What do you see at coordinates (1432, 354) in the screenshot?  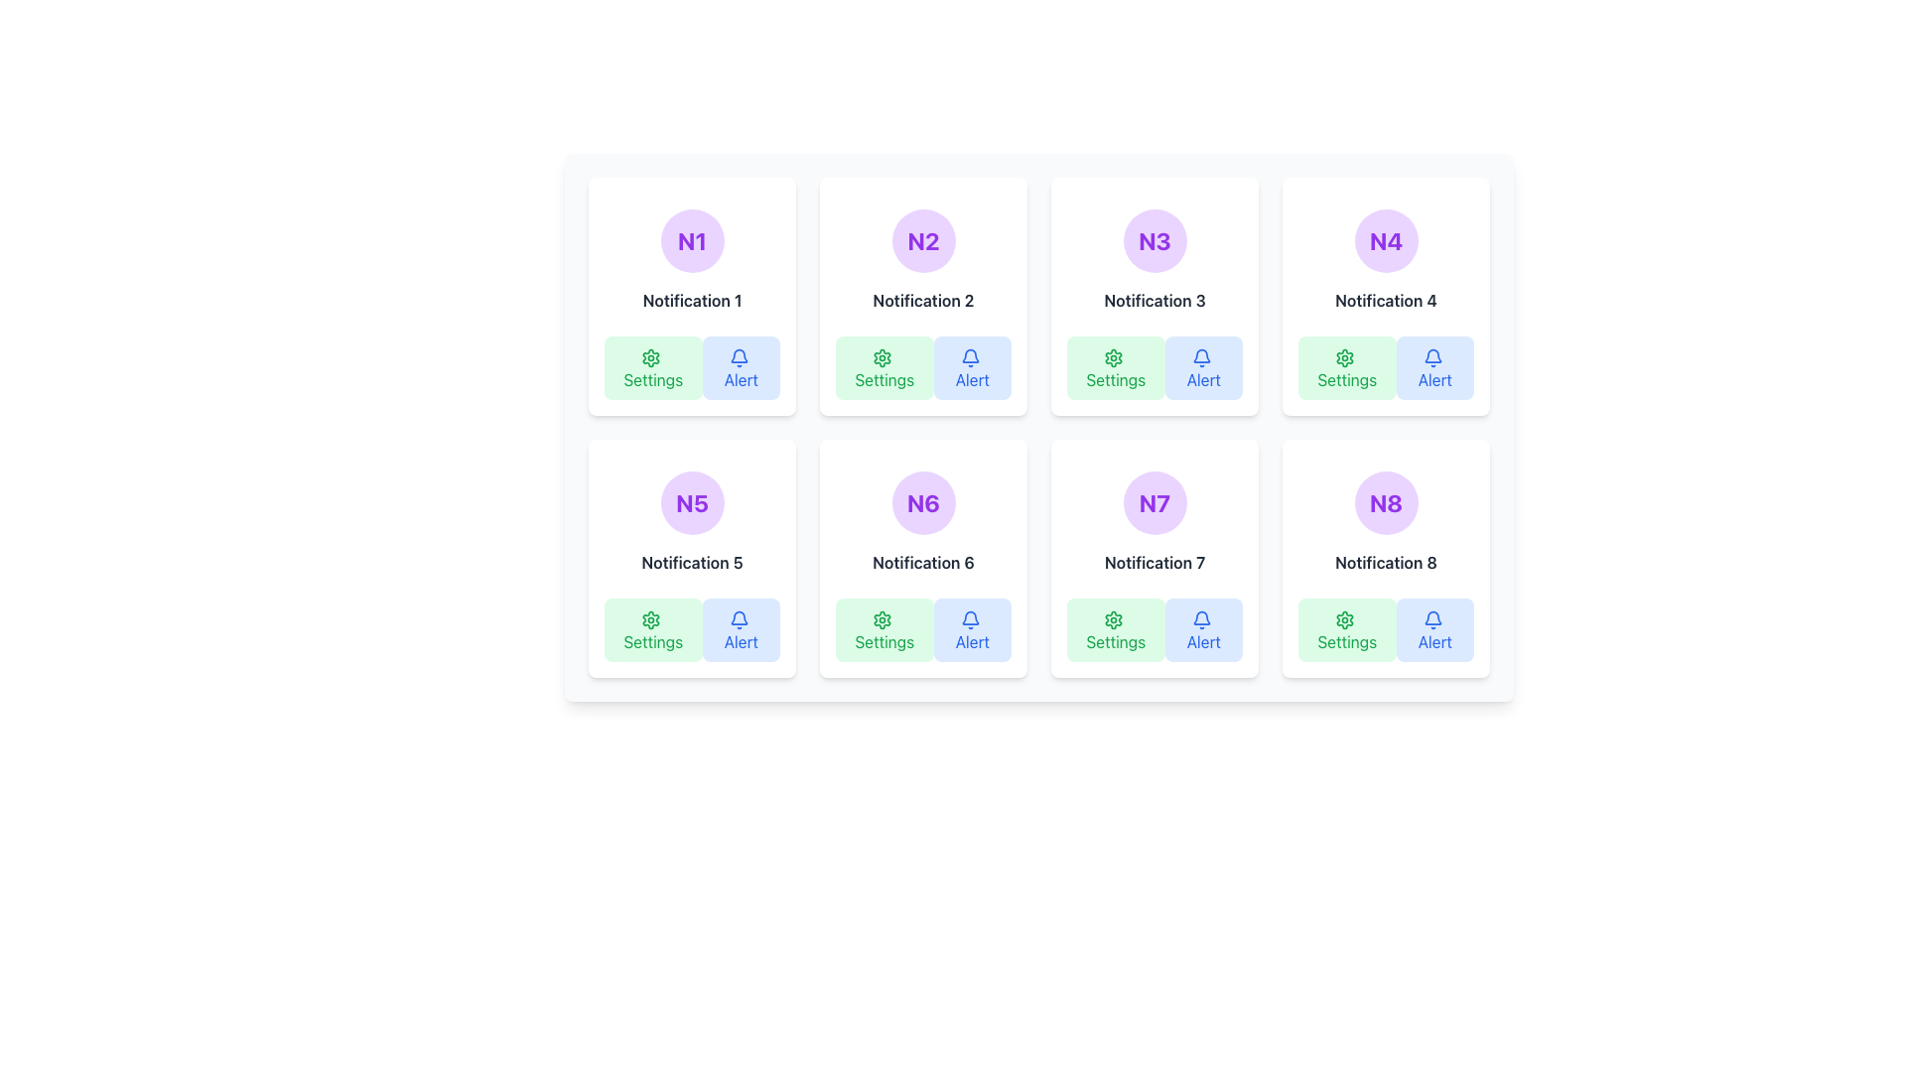 I see `the bell icon representing notifications located within the fourth notification card labeled 'Notification 4', positioned below the notification title and aligned to the right` at bounding box center [1432, 354].